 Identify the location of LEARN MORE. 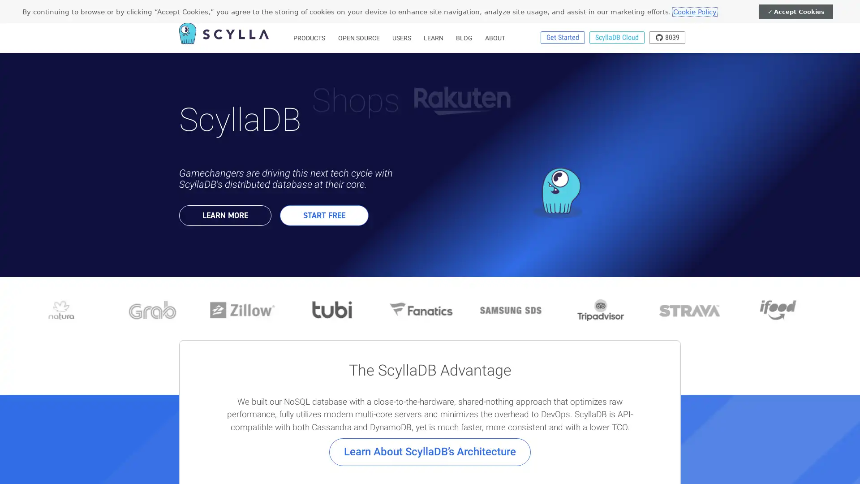
(225, 215).